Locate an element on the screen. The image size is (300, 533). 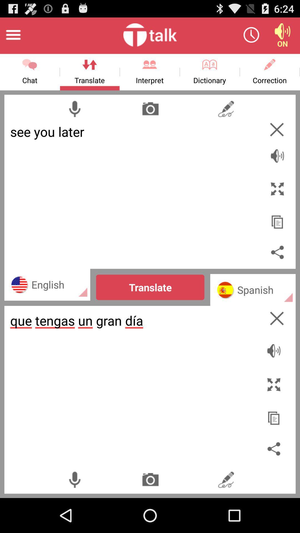
the fullscreen icon is located at coordinates (275, 408).